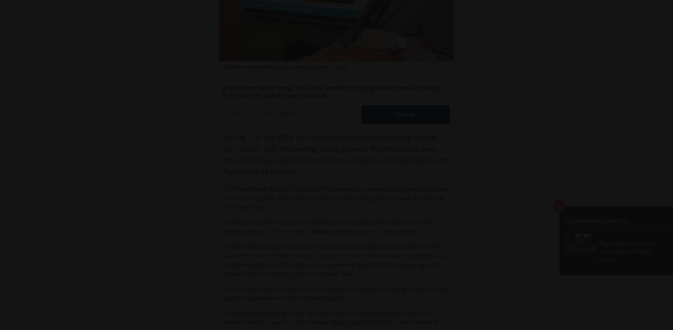 This screenshot has width=673, height=330. What do you see at coordinates (251, 136) in the screenshot?
I see `'th'` at bounding box center [251, 136].